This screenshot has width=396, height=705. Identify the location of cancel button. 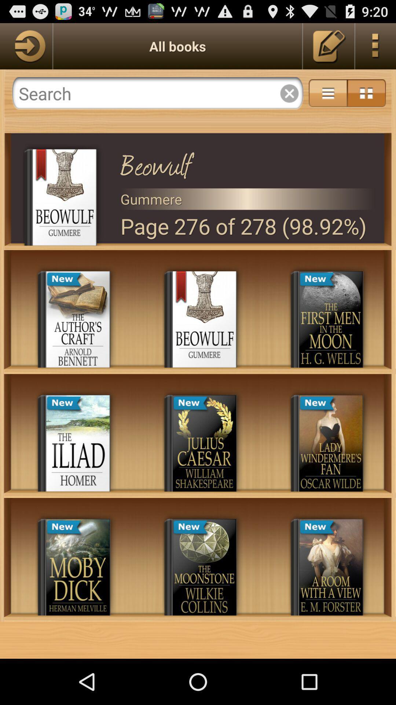
(289, 93).